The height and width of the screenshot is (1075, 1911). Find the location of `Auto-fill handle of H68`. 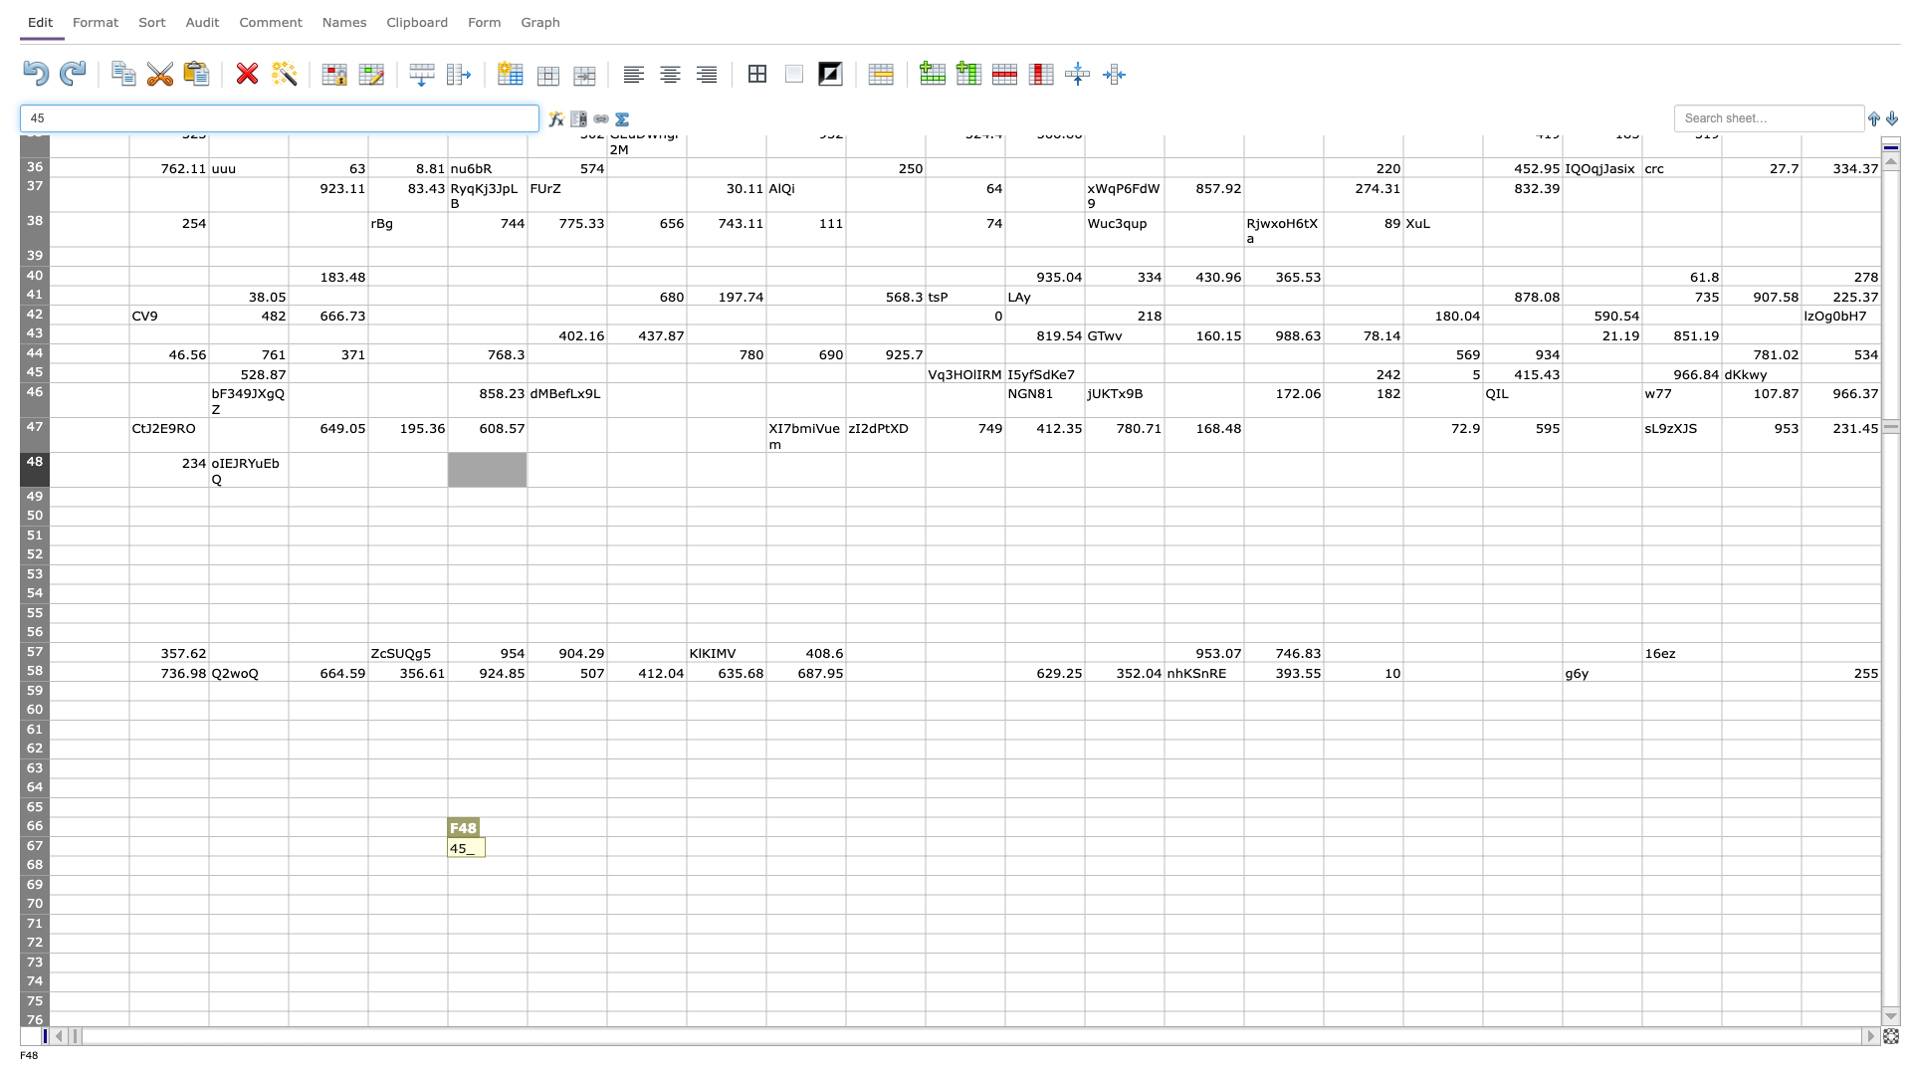

Auto-fill handle of H68 is located at coordinates (687, 874).